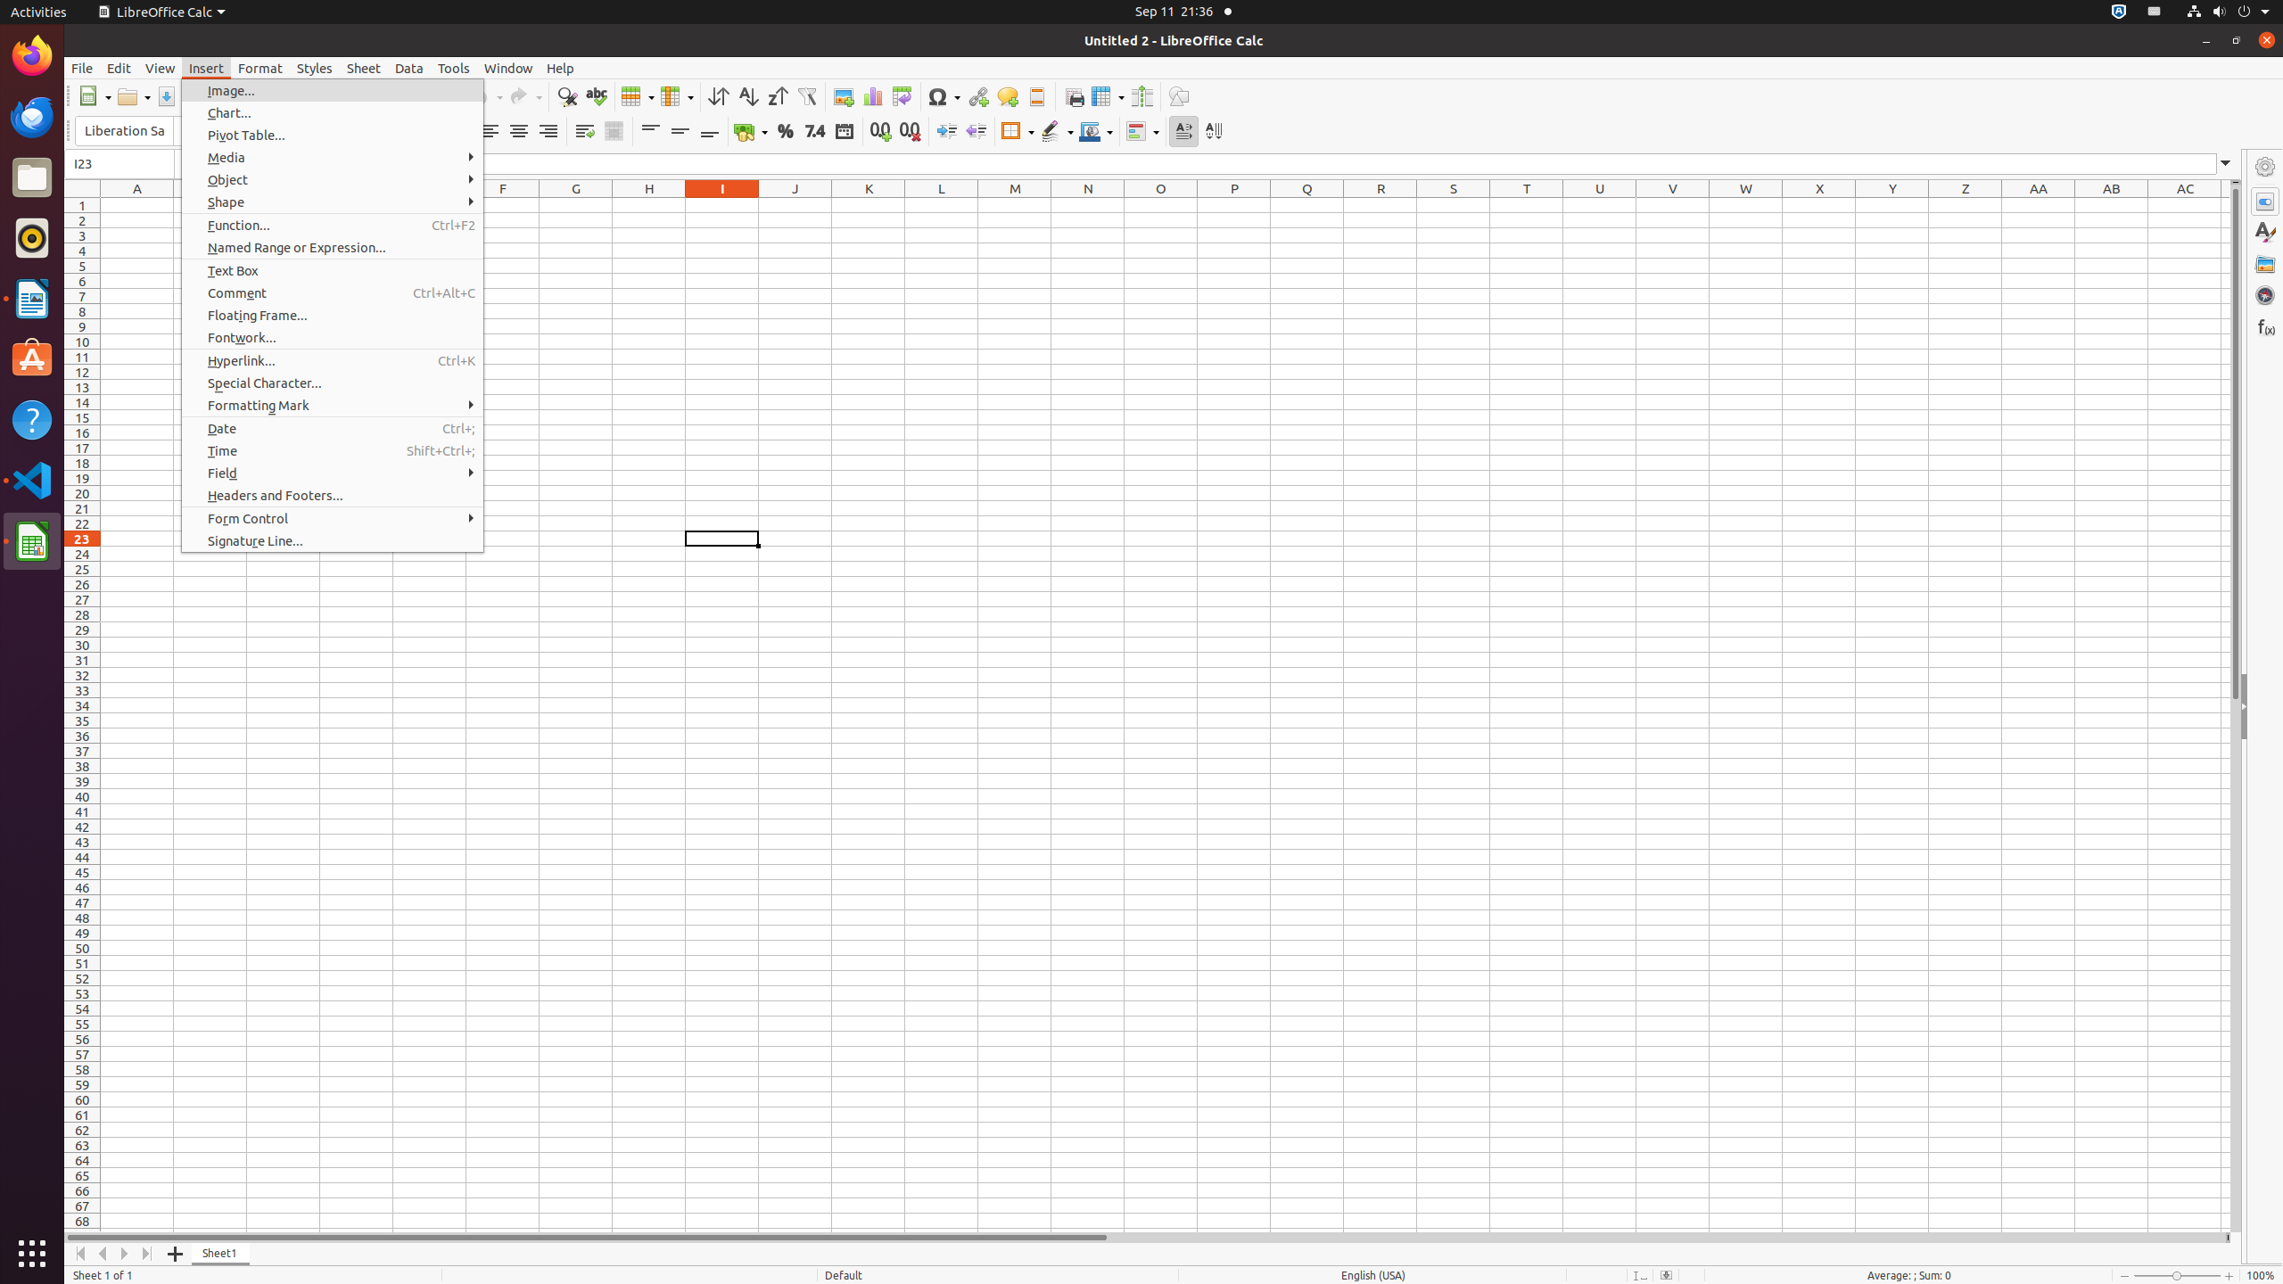  What do you see at coordinates (1014, 204) in the screenshot?
I see `'M1'` at bounding box center [1014, 204].